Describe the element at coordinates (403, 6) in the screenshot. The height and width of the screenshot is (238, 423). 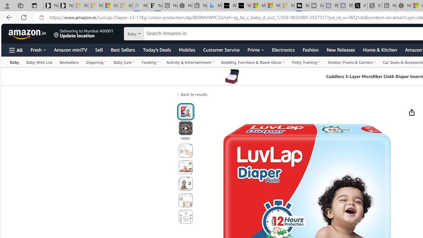
I see `'Nordace - My Account'` at that location.